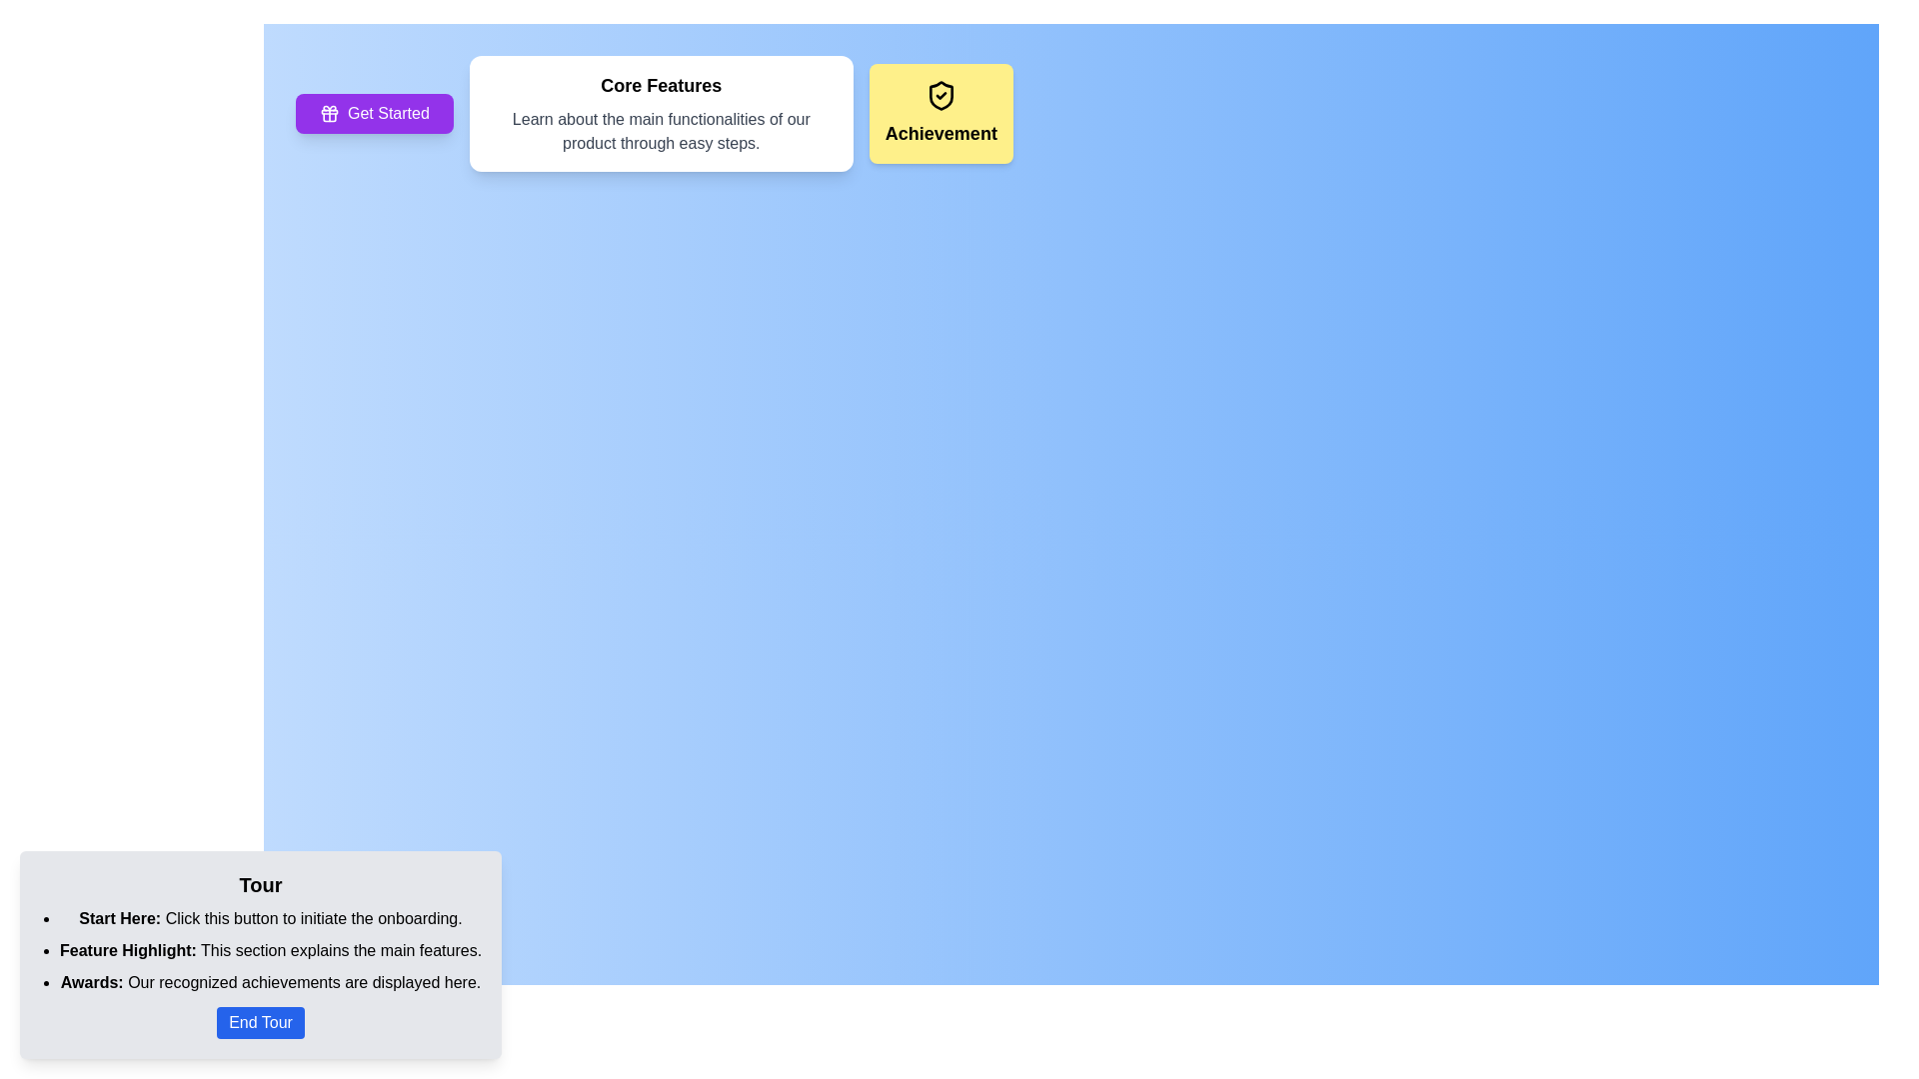 This screenshot has height=1079, width=1919. What do you see at coordinates (330, 114) in the screenshot?
I see `the gift icon located on the left-hand side within the purple button labeled 'Get Started' in the top-left portion of the interface` at bounding box center [330, 114].